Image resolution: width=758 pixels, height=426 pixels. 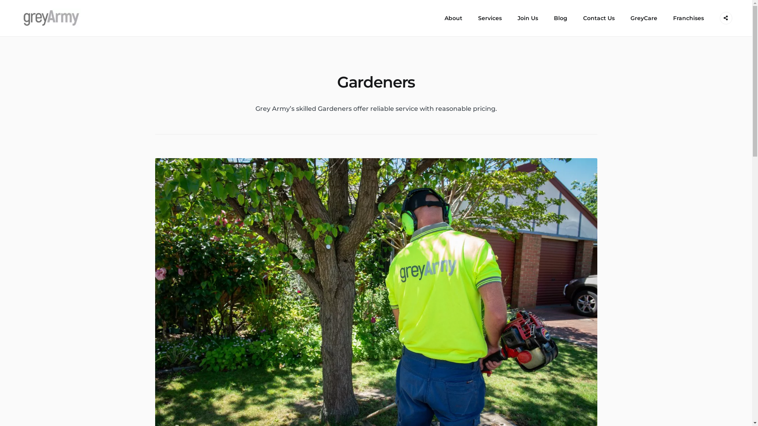 I want to click on 'Grey Army', so click(x=38, y=18).